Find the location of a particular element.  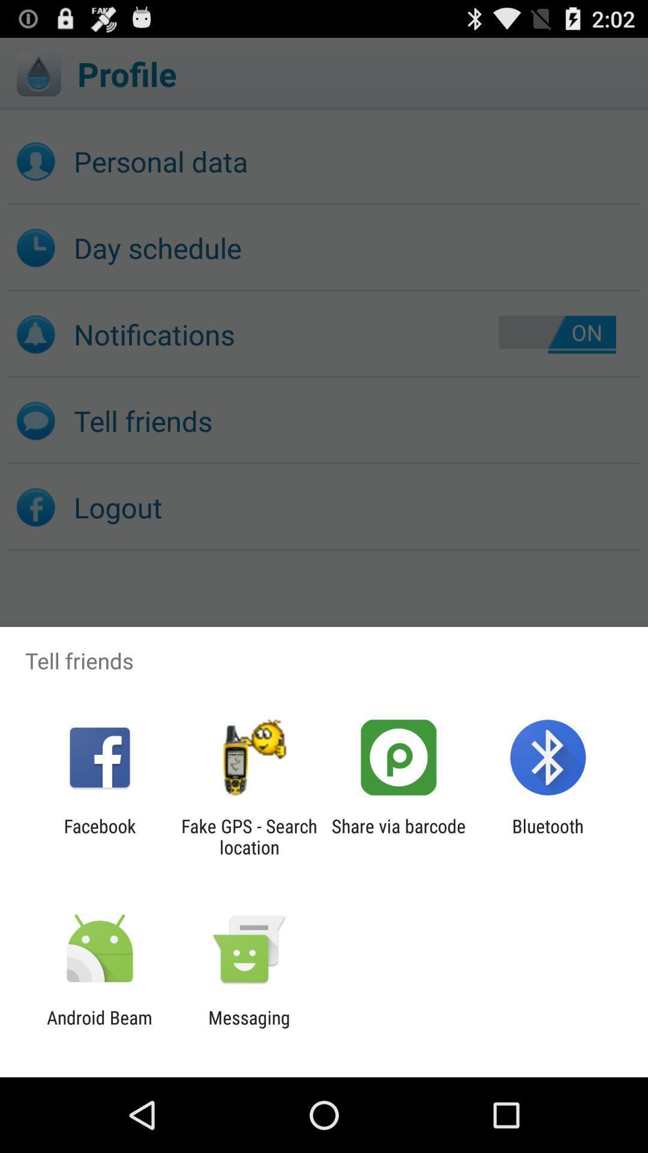

app at the bottom right corner is located at coordinates (548, 836).